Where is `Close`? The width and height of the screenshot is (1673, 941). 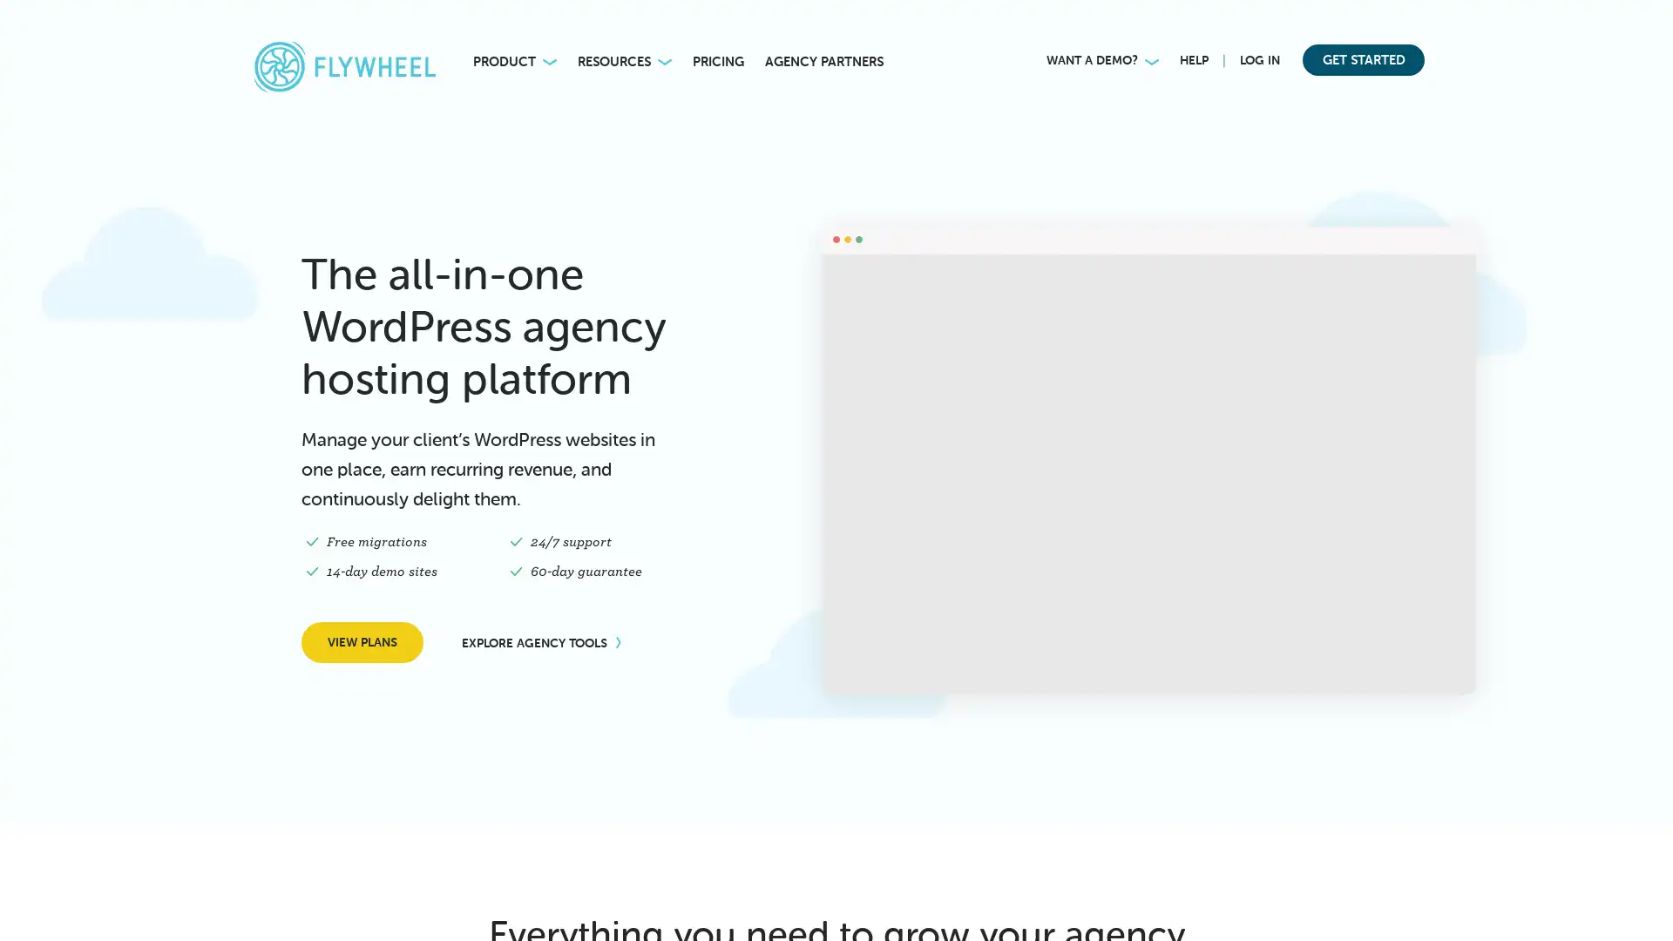
Close is located at coordinates (419, 713).